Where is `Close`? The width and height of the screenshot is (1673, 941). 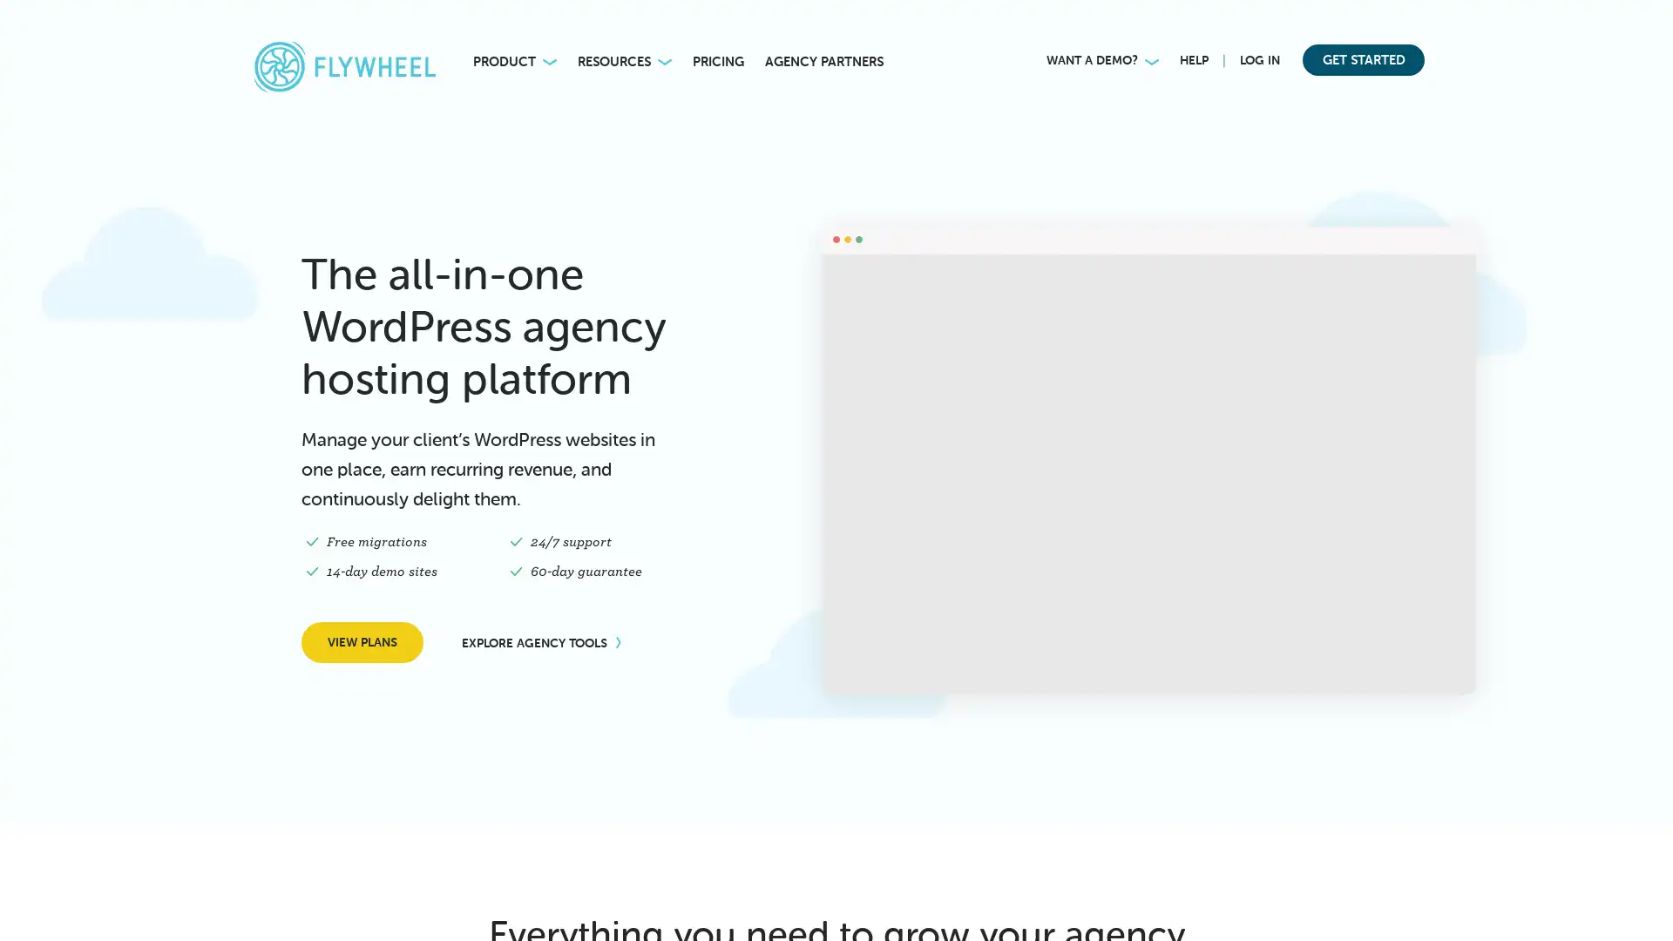
Close is located at coordinates (419, 713).